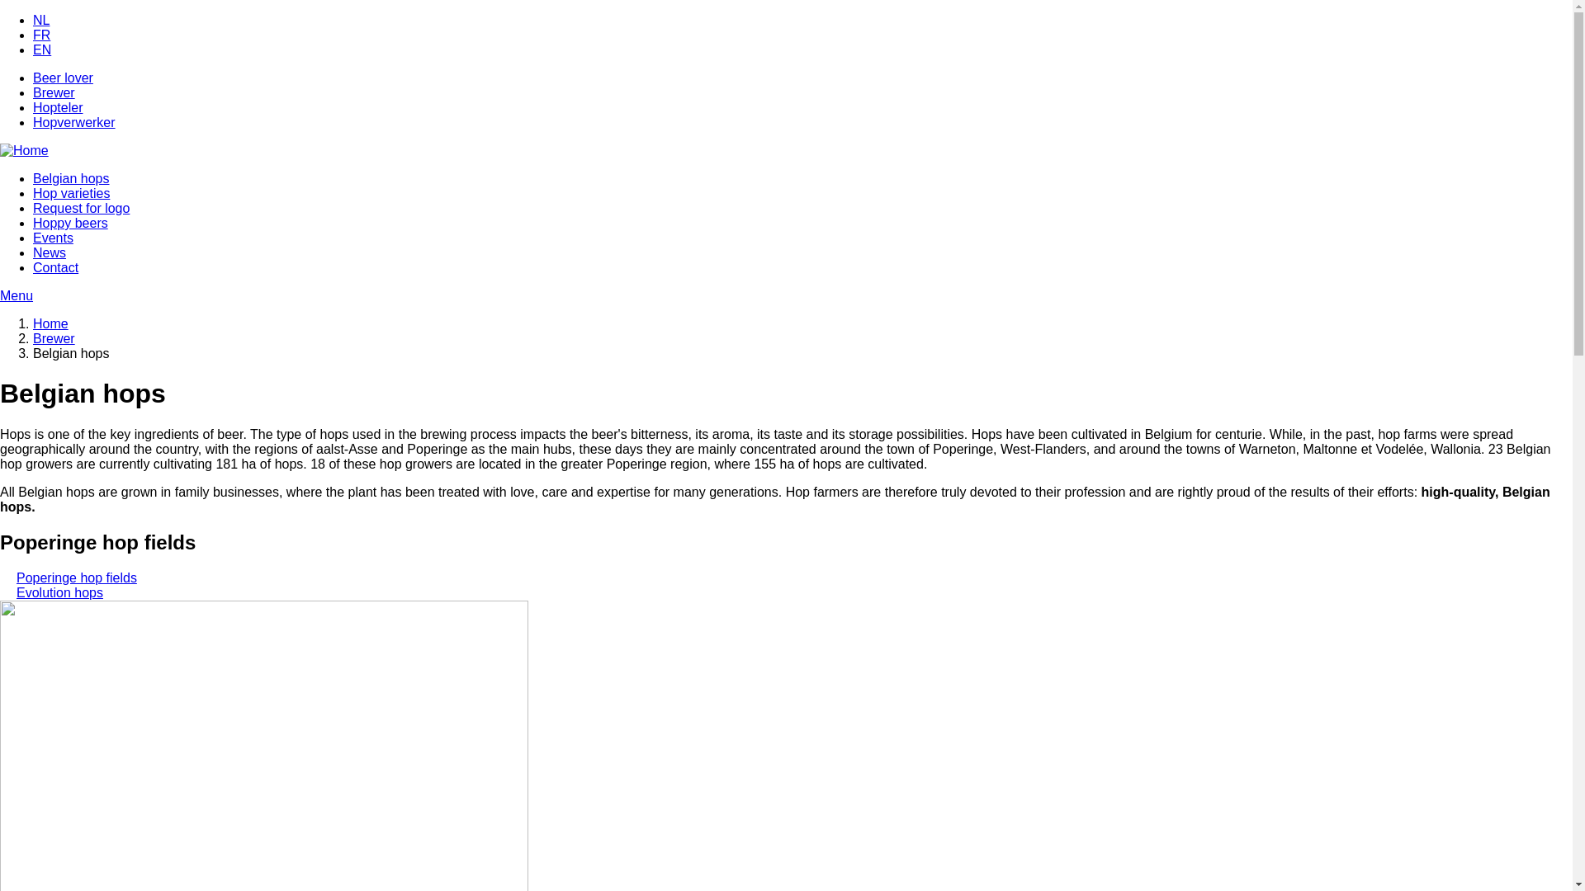 The width and height of the screenshot is (1585, 891). I want to click on 'Request for logo', so click(80, 207).